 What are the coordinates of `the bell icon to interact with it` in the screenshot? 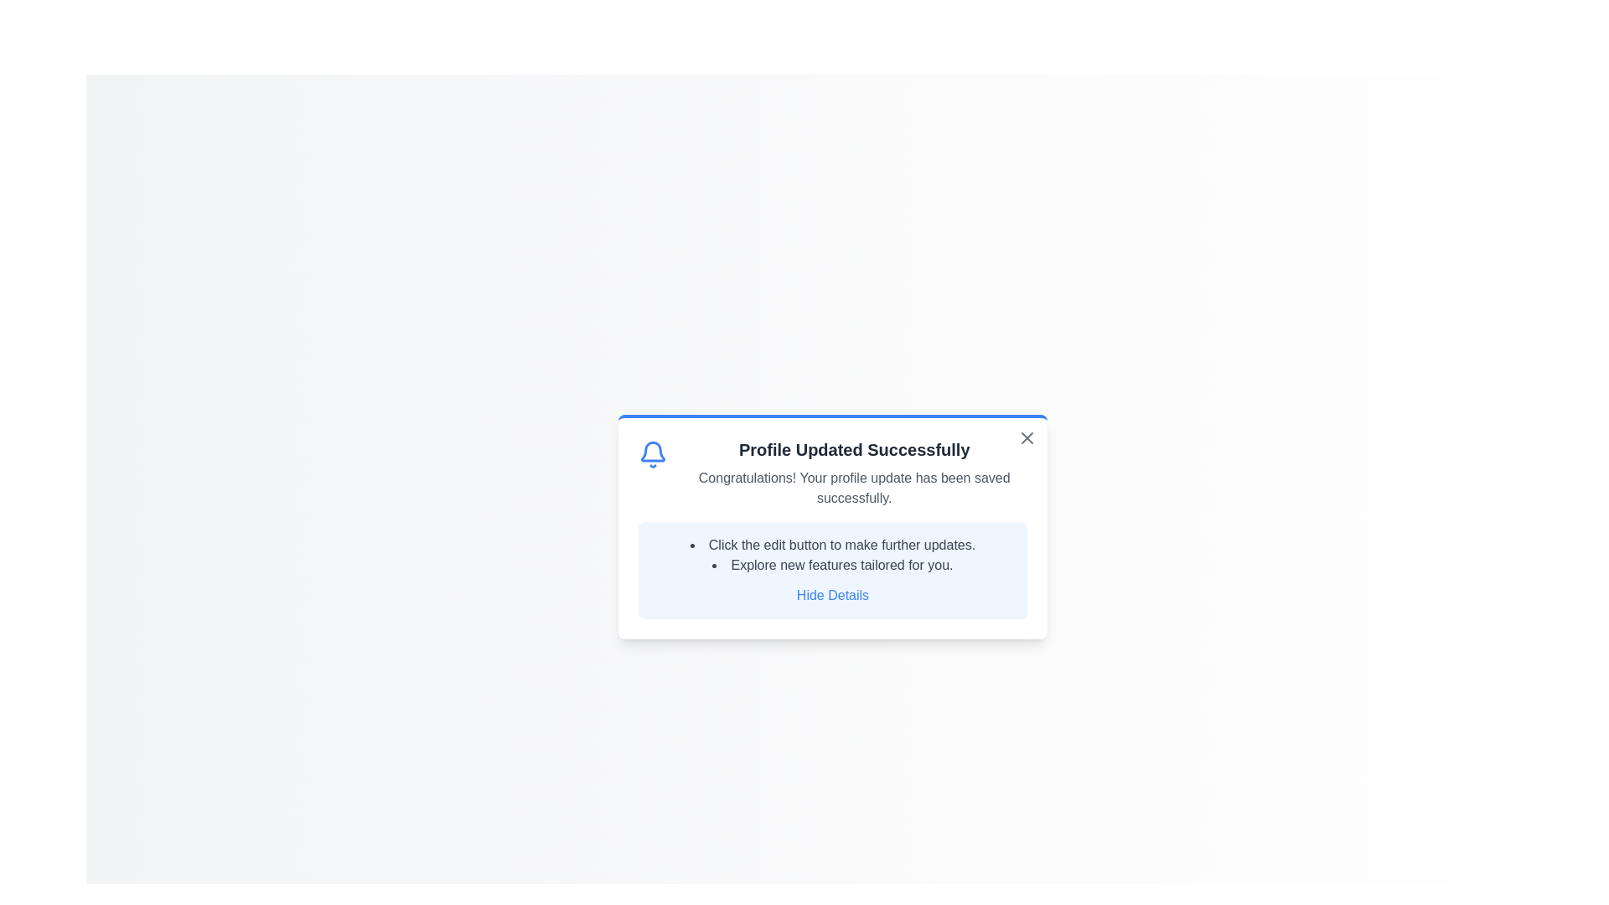 It's located at (652, 455).